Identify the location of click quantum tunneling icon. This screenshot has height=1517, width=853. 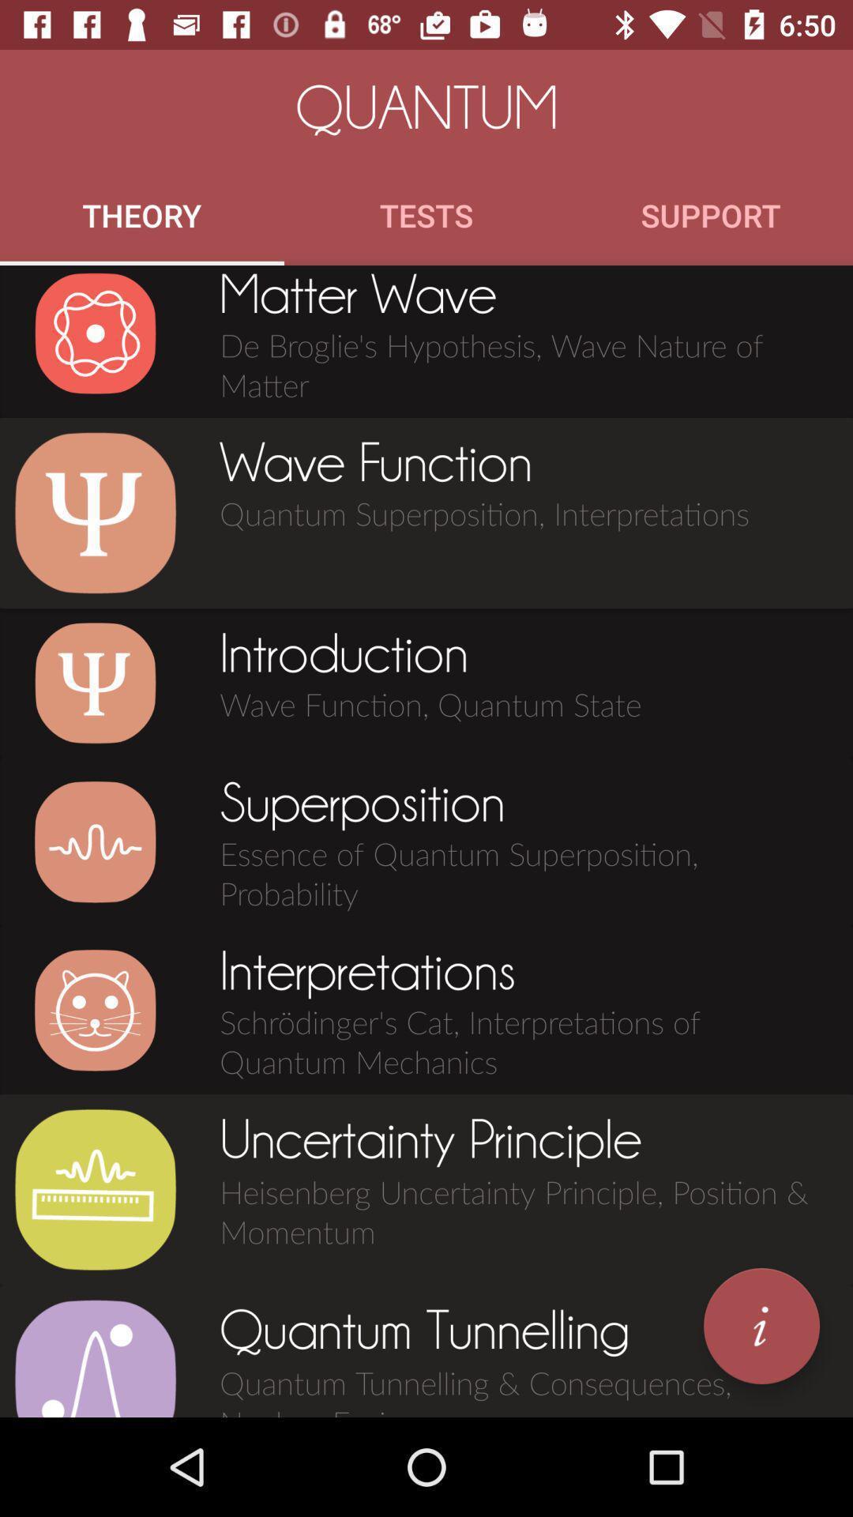
(95, 1357).